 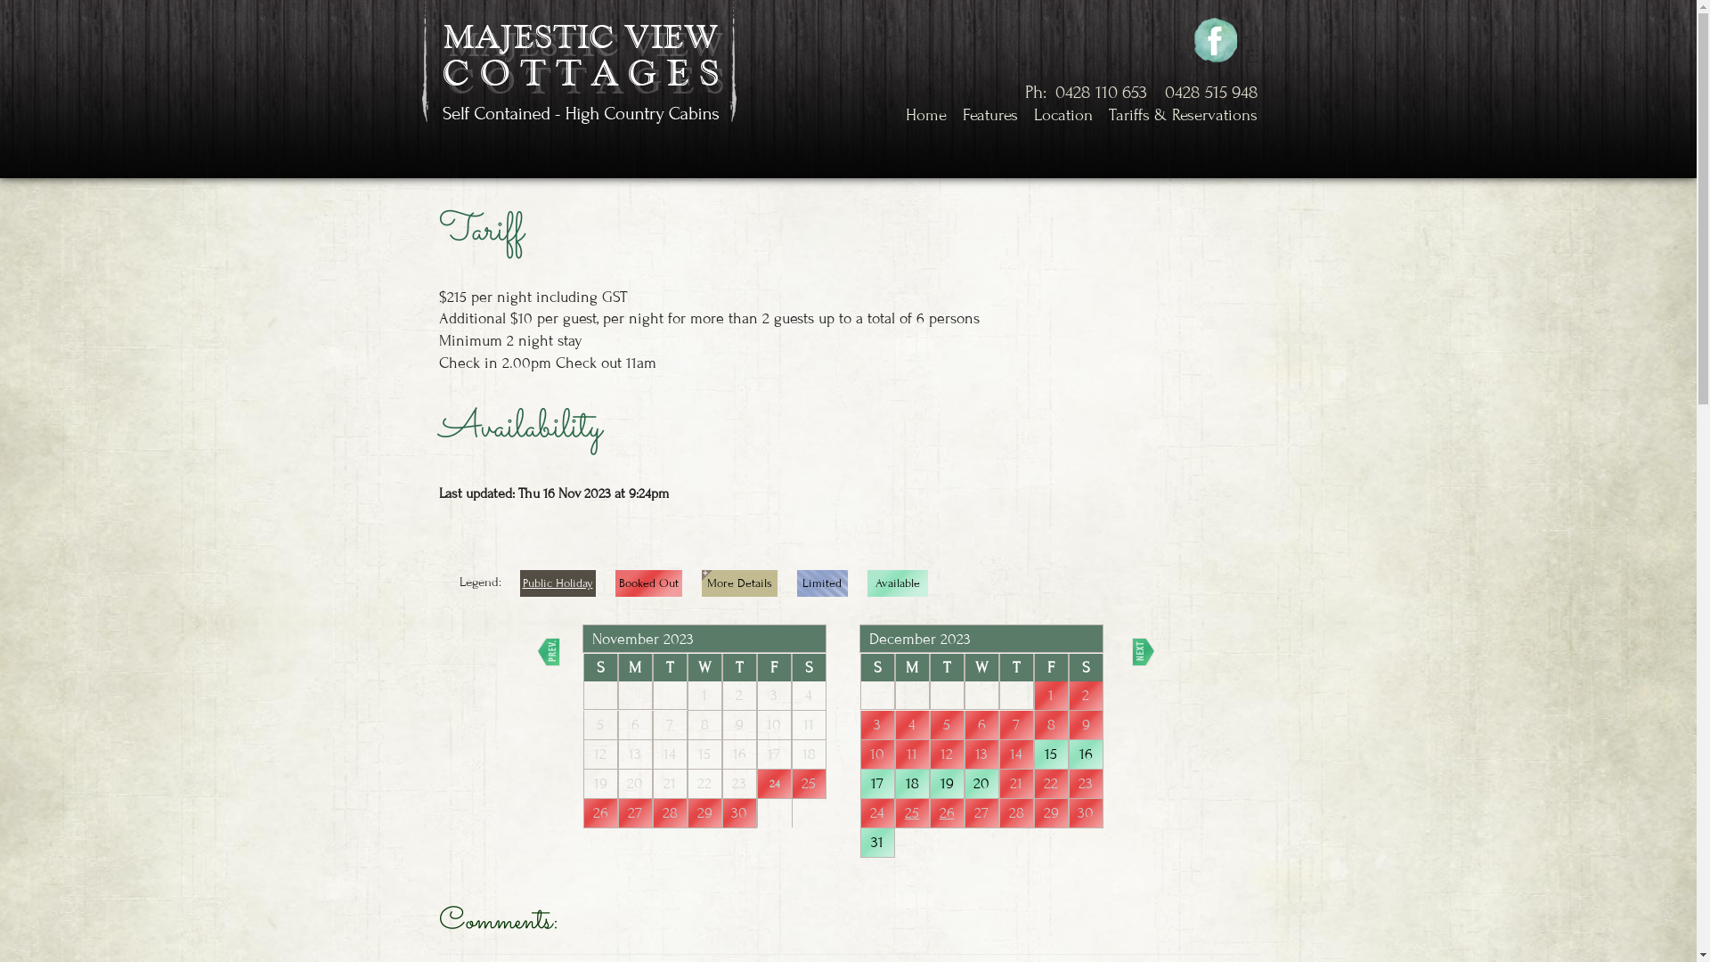 I want to click on 'Prev', so click(x=546, y=652).